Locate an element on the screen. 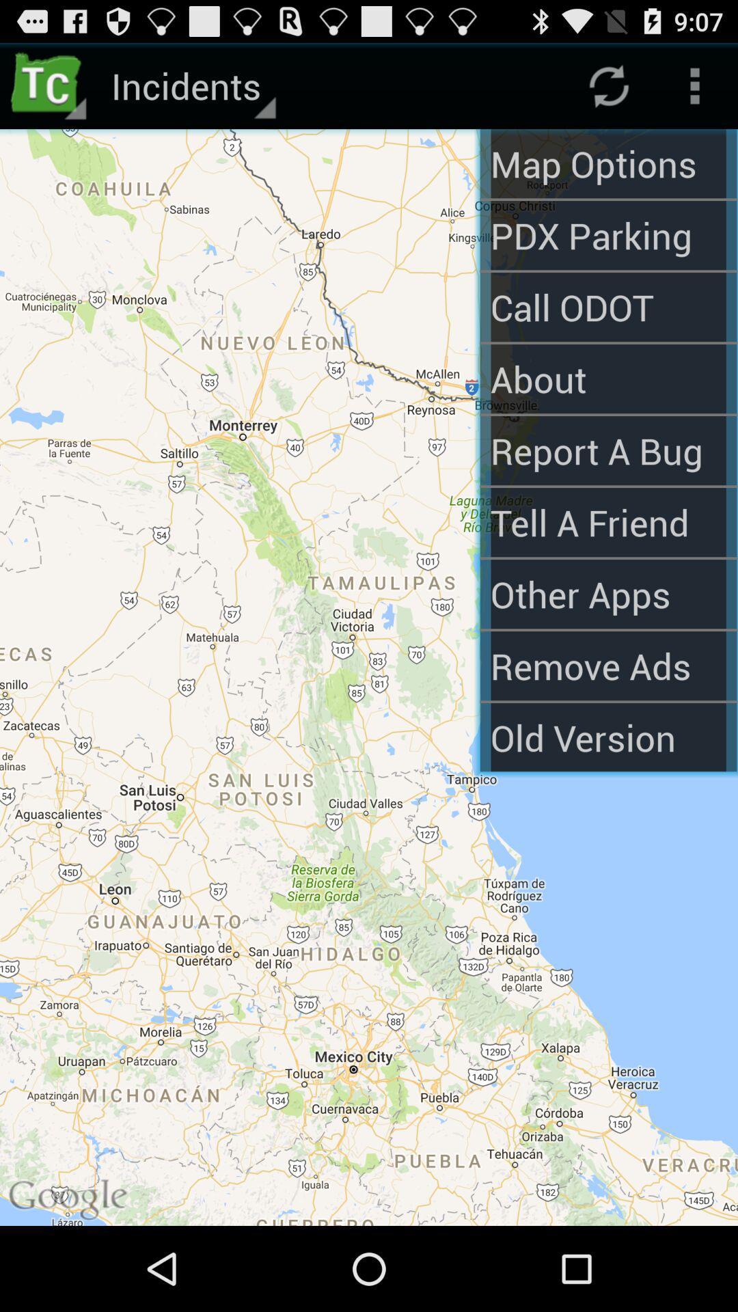 The height and width of the screenshot is (1312, 738). incidents app is located at coordinates (191, 85).